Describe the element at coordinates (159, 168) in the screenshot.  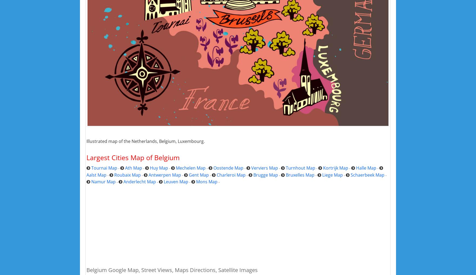
I see `'Huy Map'` at that location.